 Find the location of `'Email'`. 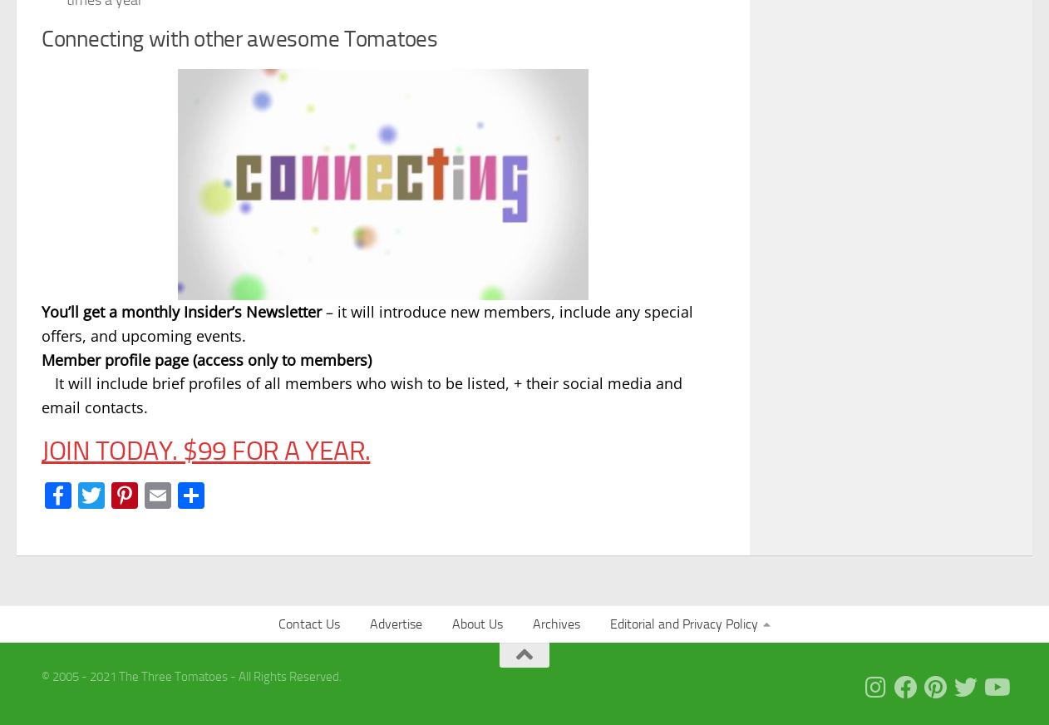

'Email' is located at coordinates (201, 494).